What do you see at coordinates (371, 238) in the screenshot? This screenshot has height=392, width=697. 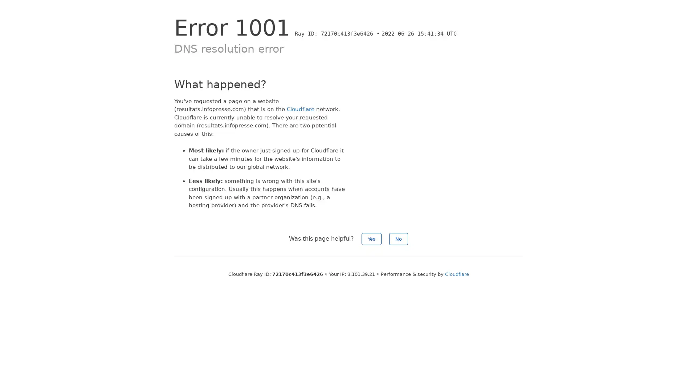 I see `Yes` at bounding box center [371, 238].